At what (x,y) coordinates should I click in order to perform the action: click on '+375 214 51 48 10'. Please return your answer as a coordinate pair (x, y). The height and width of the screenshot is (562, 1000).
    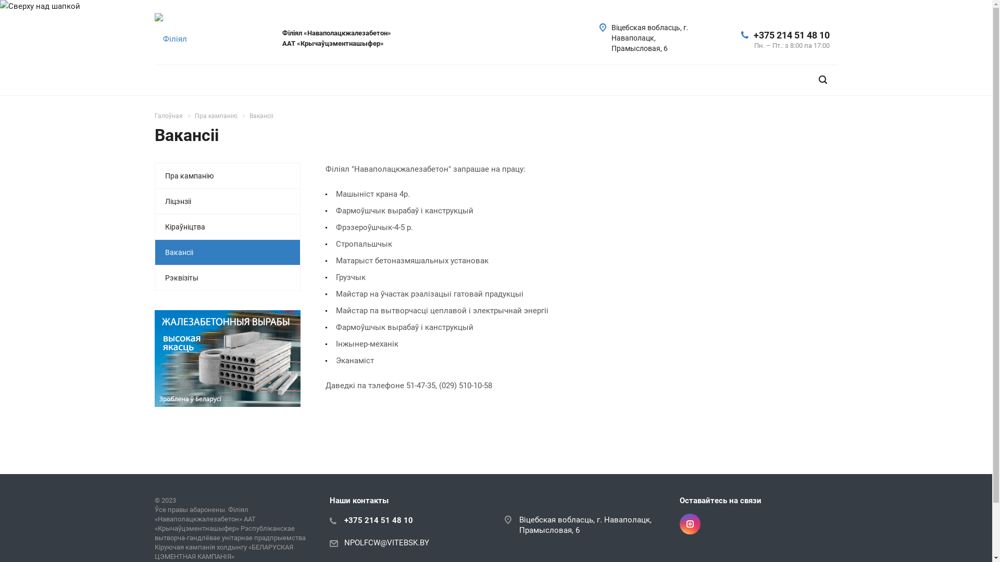
    Looking at the image, I should click on (377, 520).